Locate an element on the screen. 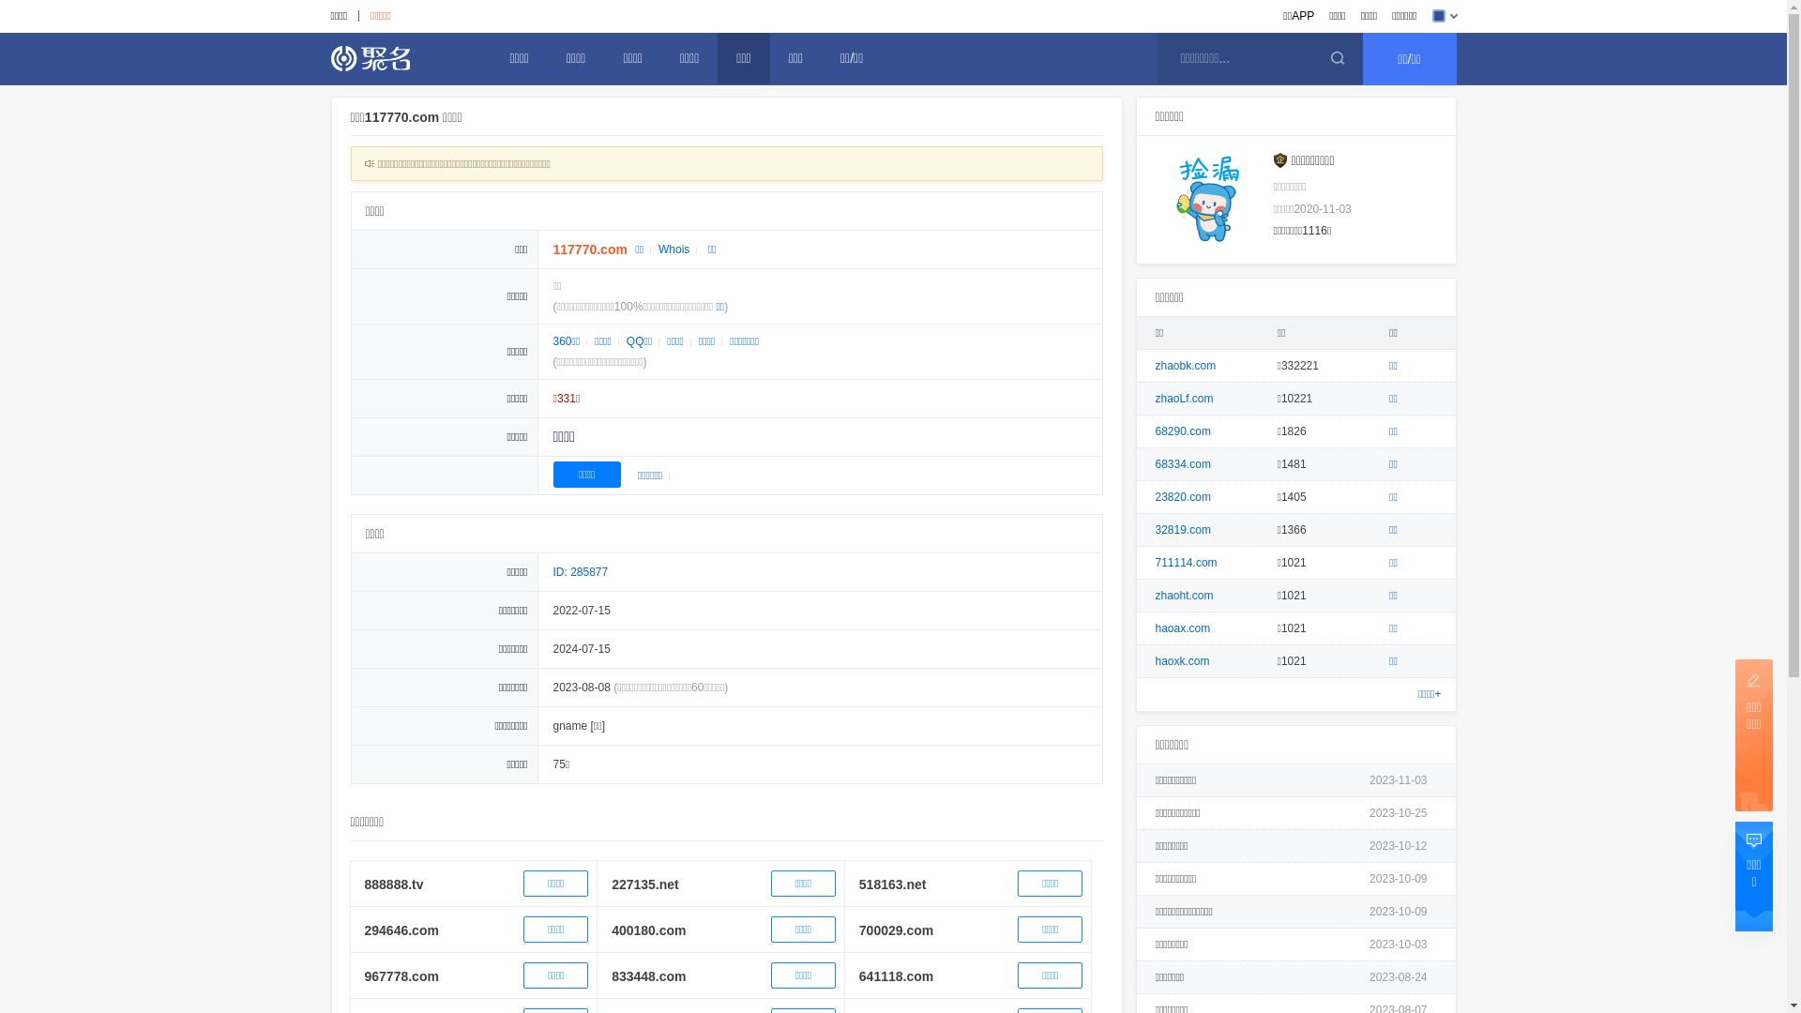  'haoax.com' is located at coordinates (1155, 628).